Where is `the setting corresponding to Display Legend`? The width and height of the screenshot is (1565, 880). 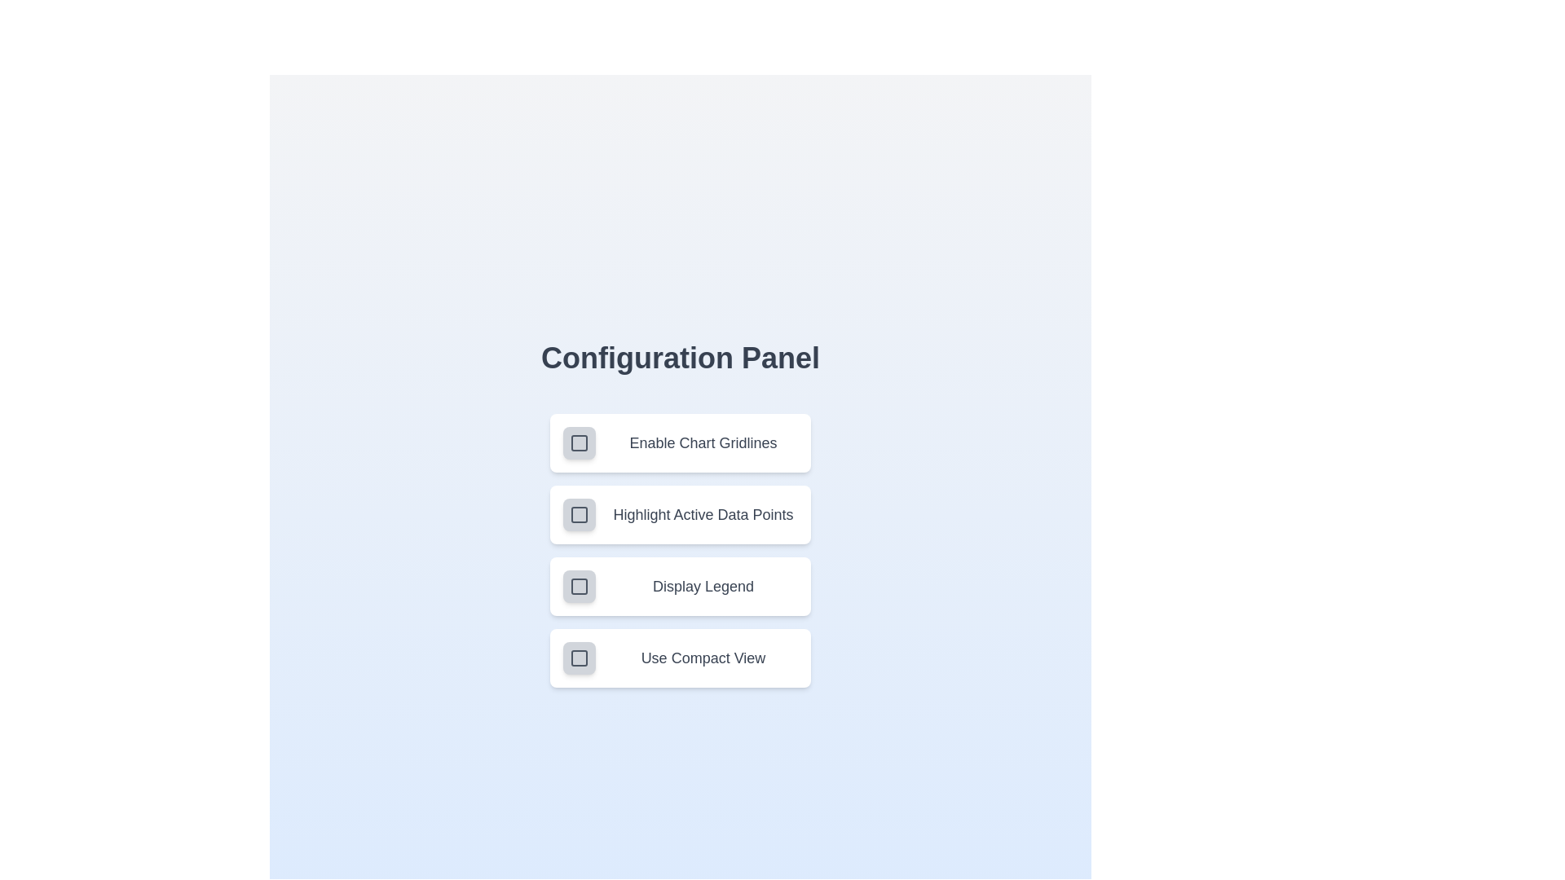 the setting corresponding to Display Legend is located at coordinates (579, 587).